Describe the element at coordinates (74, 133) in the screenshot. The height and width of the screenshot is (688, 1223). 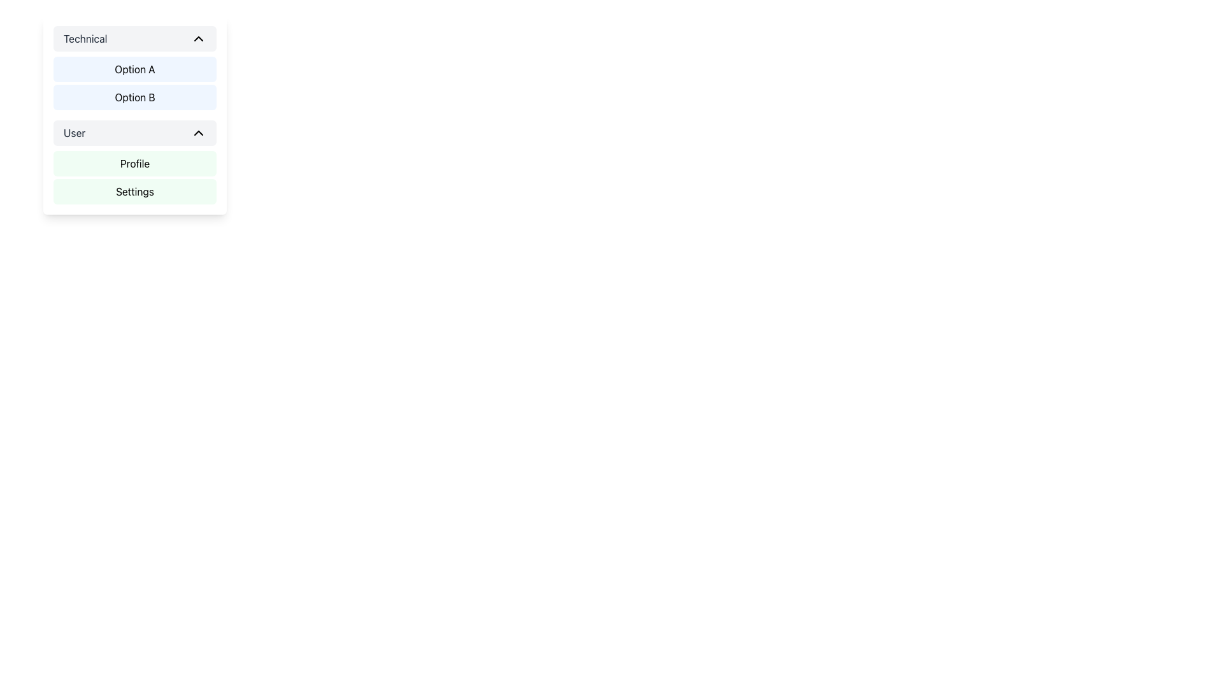
I see `the text label reading 'User', which is styled in dark gray against a light gray background and is centered horizontally within its bounding area` at that location.